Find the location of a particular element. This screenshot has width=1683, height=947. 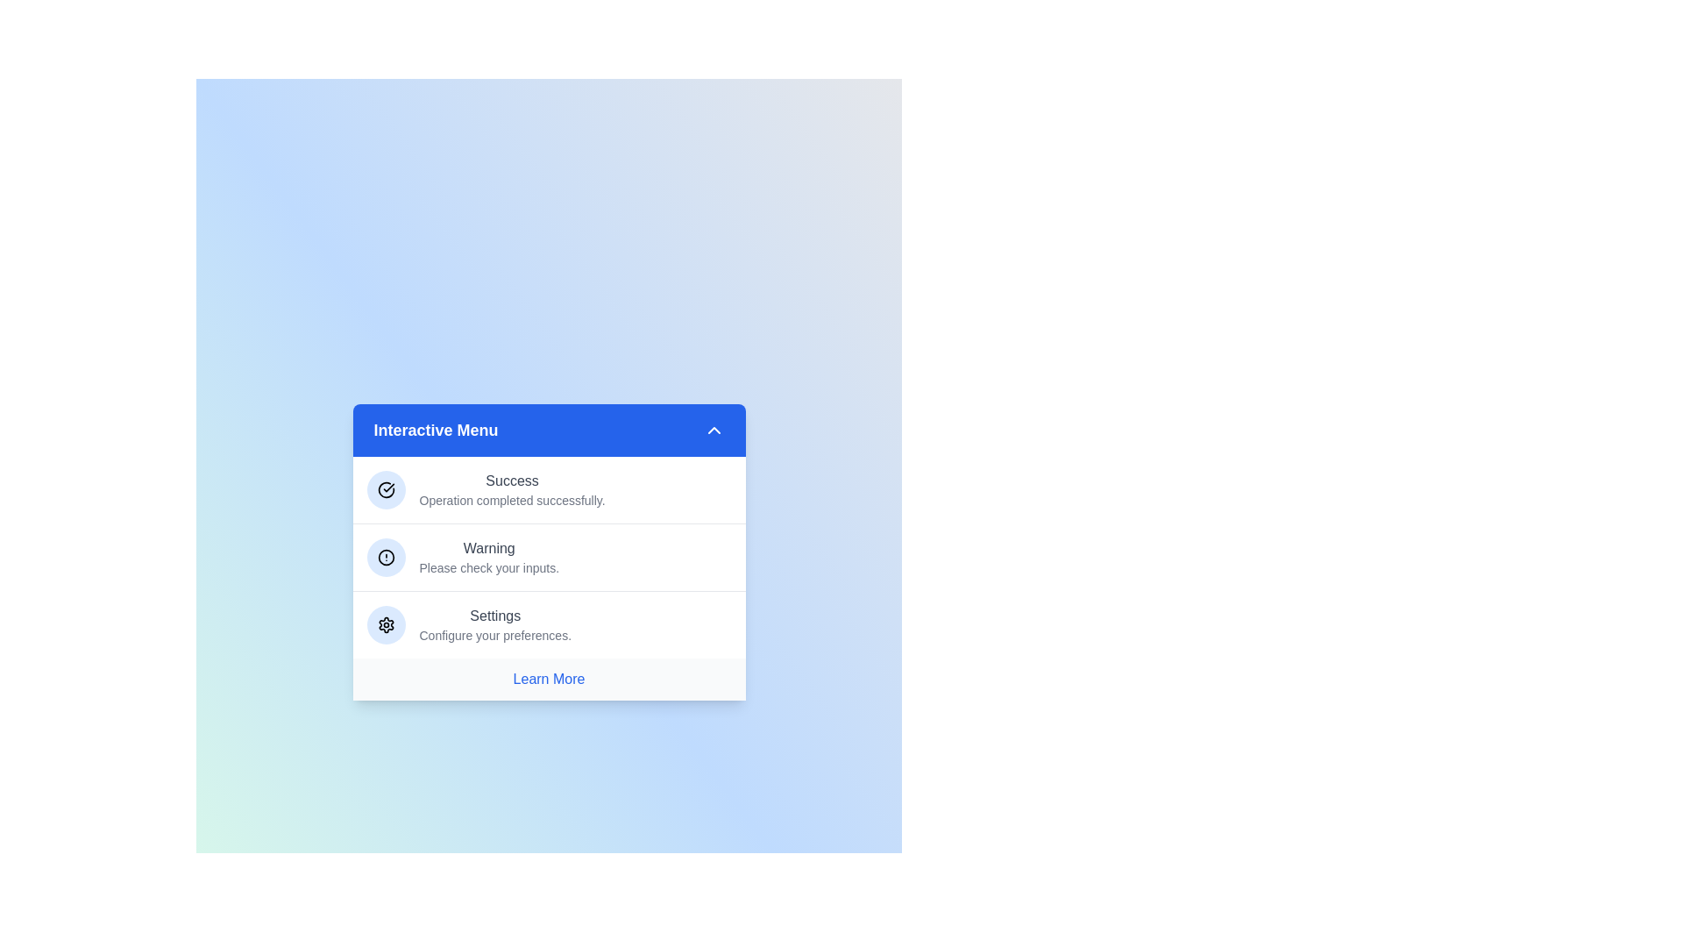

the menu item labeled 'Warning' is located at coordinates (548, 557).